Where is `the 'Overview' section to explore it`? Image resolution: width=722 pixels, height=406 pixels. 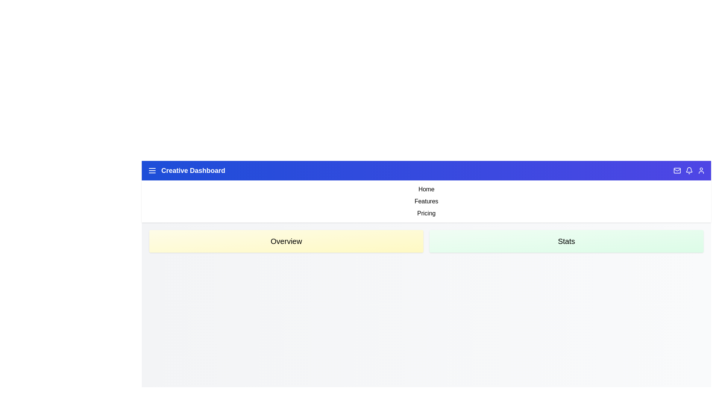
the 'Overview' section to explore it is located at coordinates (286, 241).